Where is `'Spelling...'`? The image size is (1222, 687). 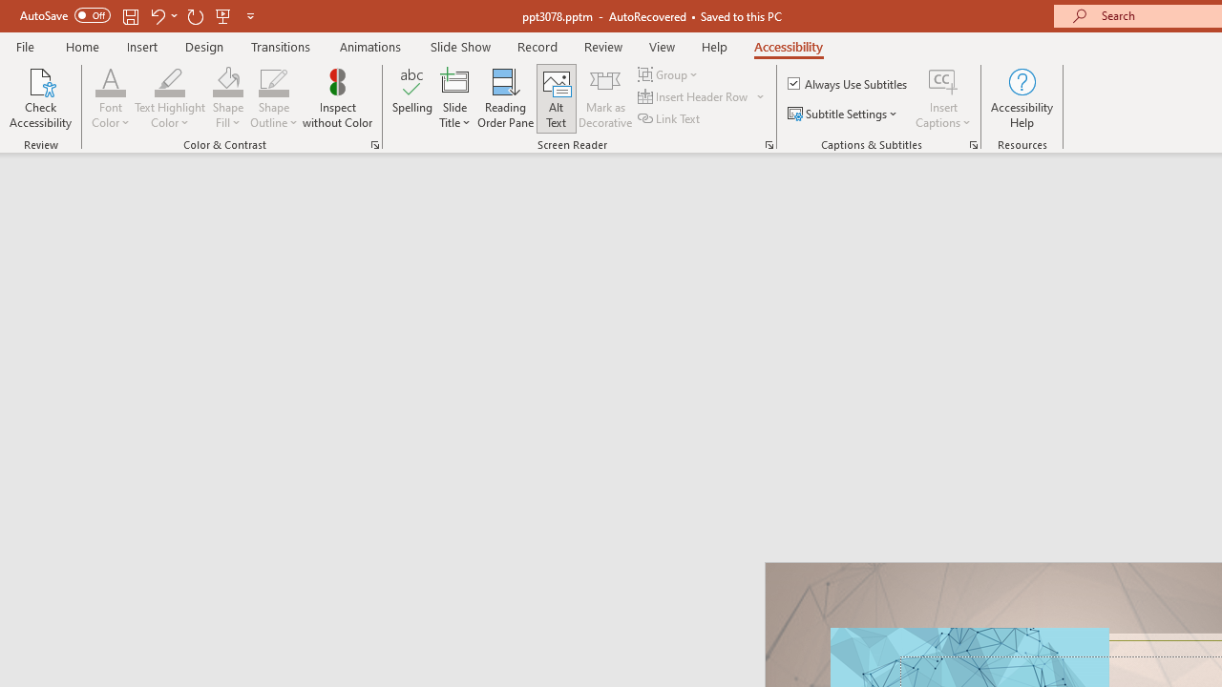
'Spelling...' is located at coordinates (411, 98).